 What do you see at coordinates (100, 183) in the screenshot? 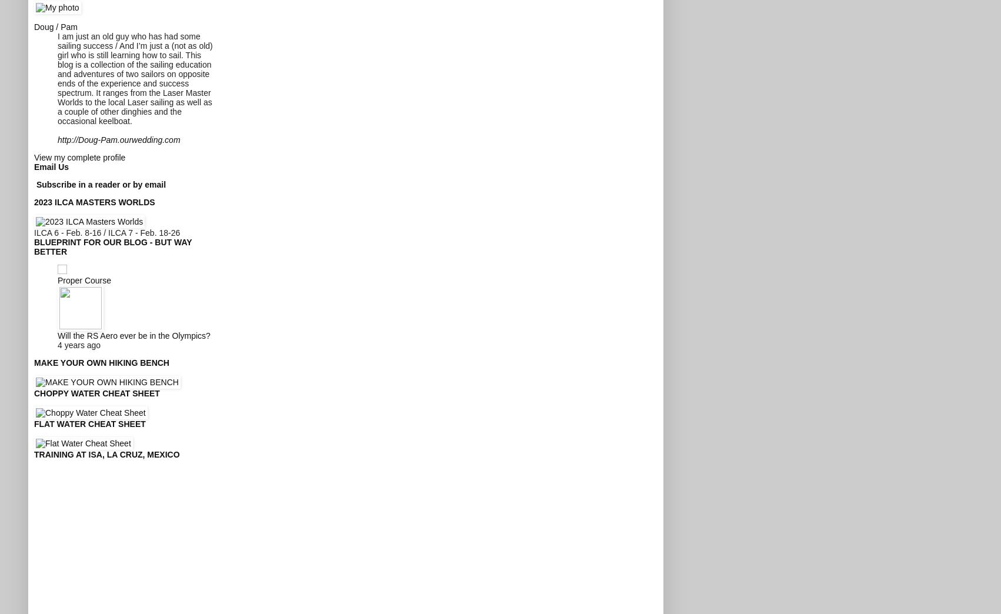
I see `'Subscribe in a reader or by email'` at bounding box center [100, 183].